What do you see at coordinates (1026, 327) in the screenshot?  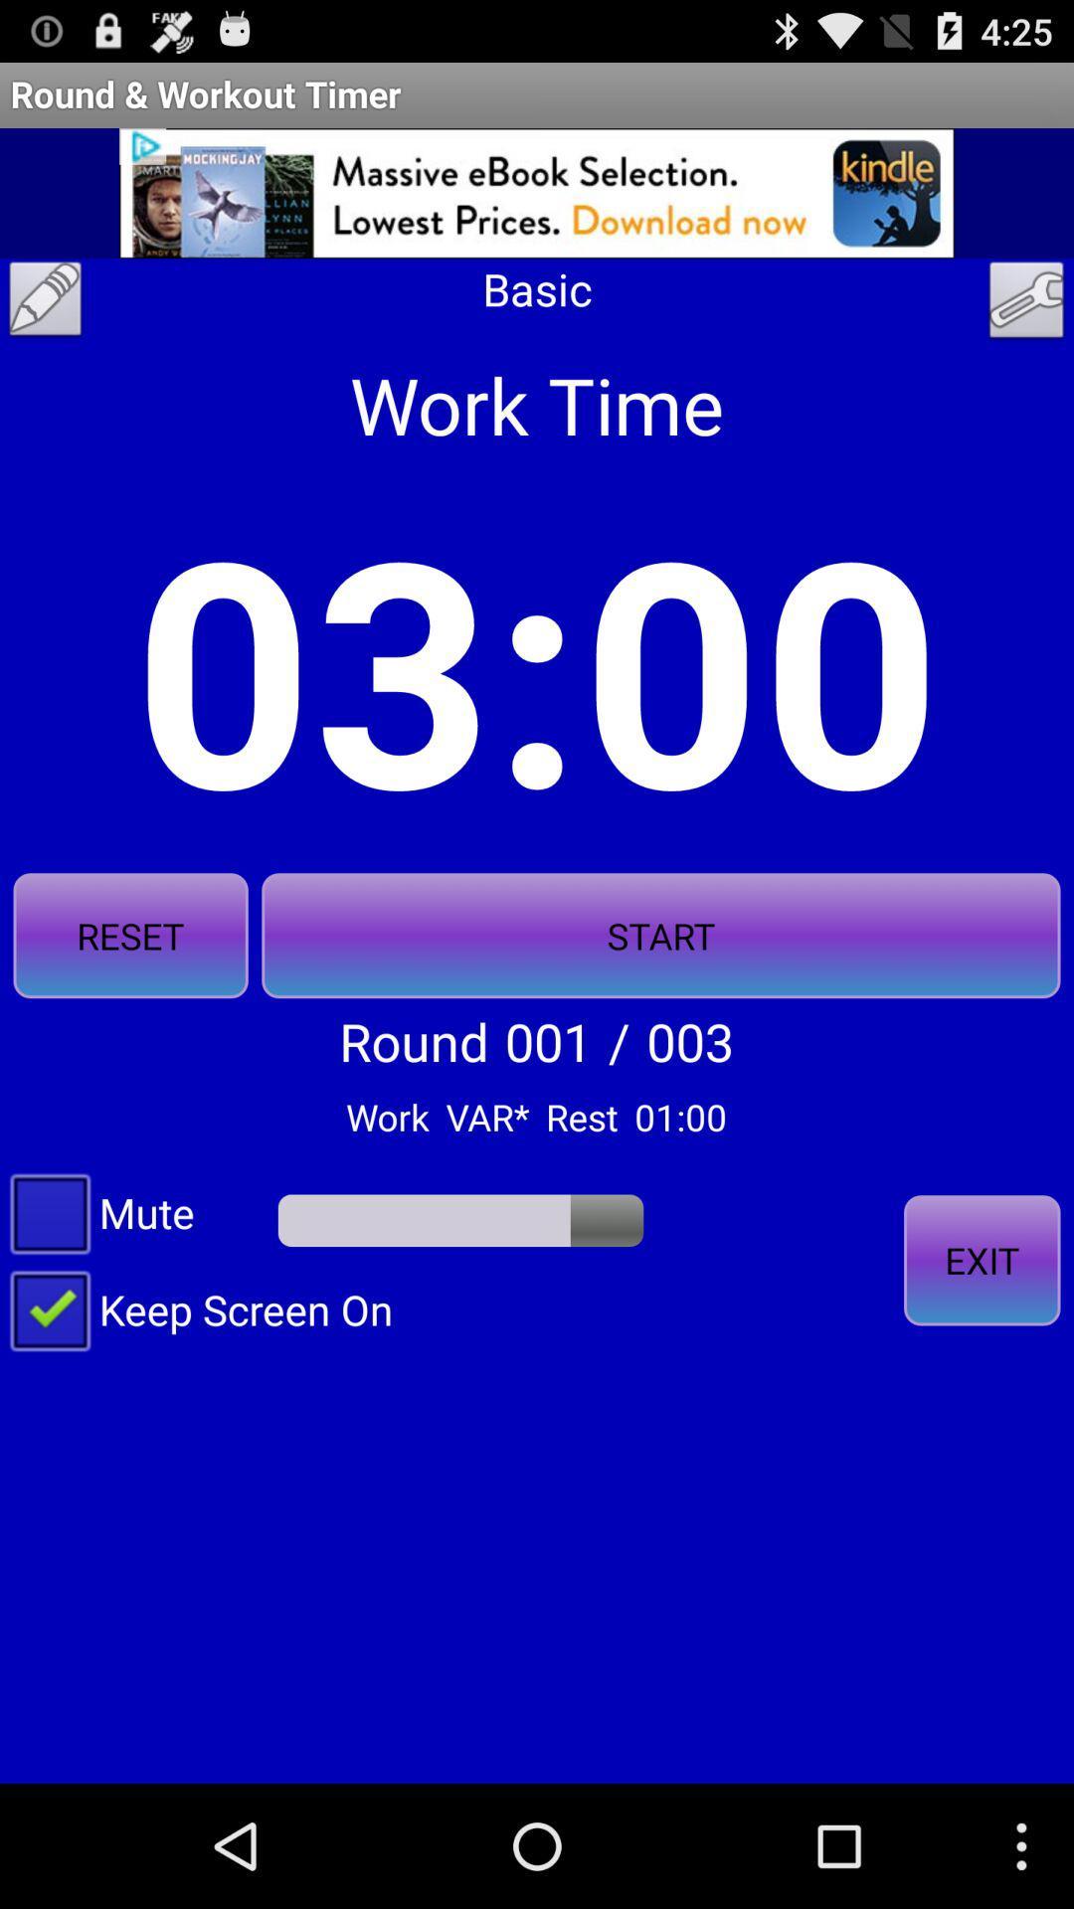 I see `the build icon` at bounding box center [1026, 327].